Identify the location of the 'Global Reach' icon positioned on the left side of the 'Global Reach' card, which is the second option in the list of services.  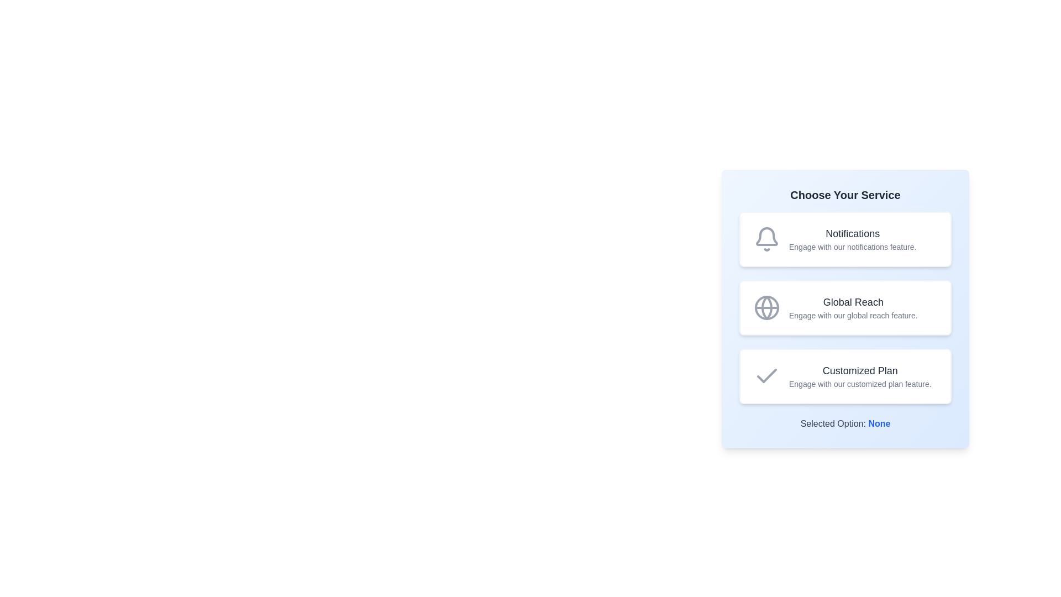
(766, 307).